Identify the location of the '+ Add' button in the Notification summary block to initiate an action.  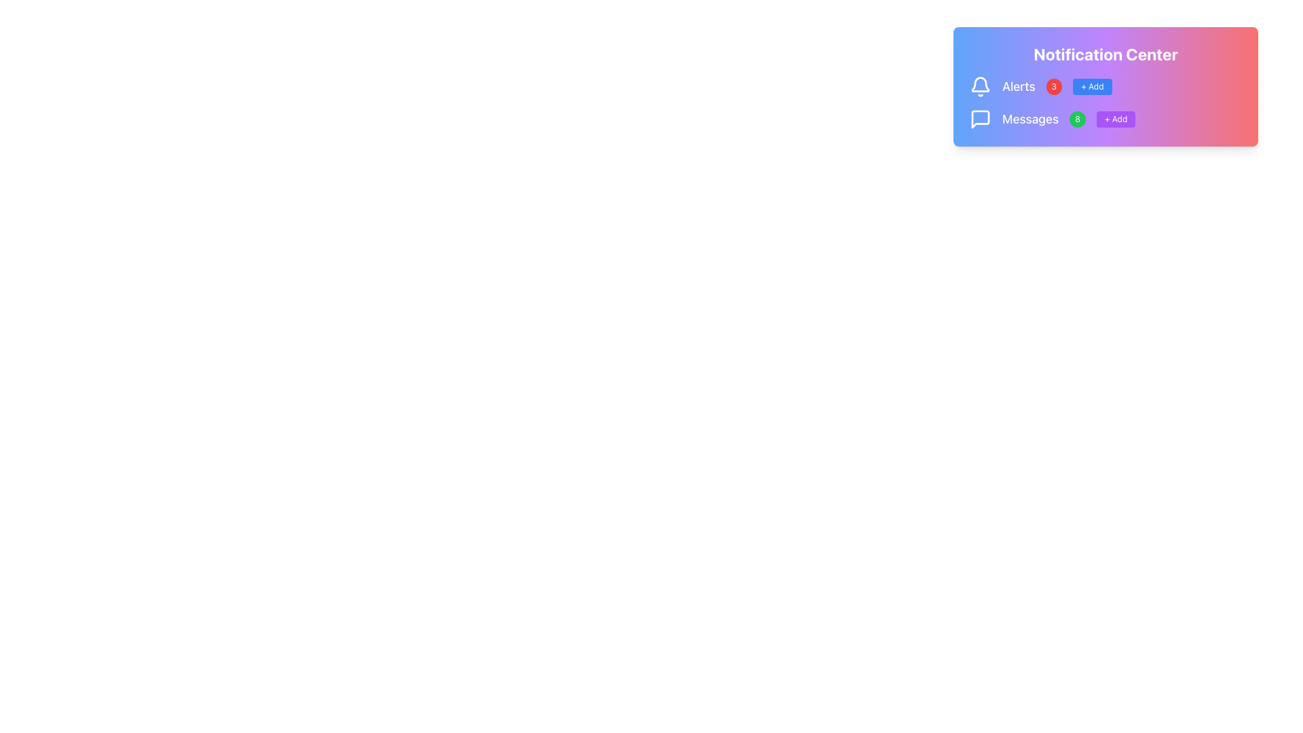
(1106, 119).